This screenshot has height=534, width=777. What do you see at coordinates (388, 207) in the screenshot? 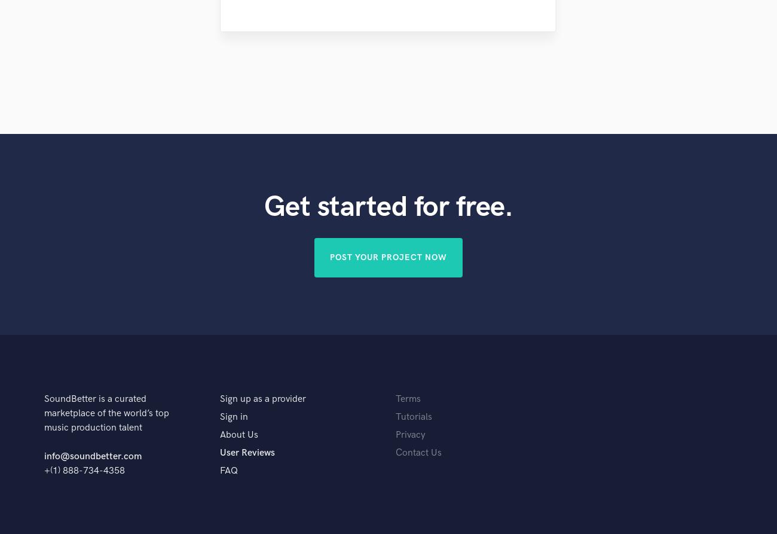
I see `'Get started for free.'` at bounding box center [388, 207].